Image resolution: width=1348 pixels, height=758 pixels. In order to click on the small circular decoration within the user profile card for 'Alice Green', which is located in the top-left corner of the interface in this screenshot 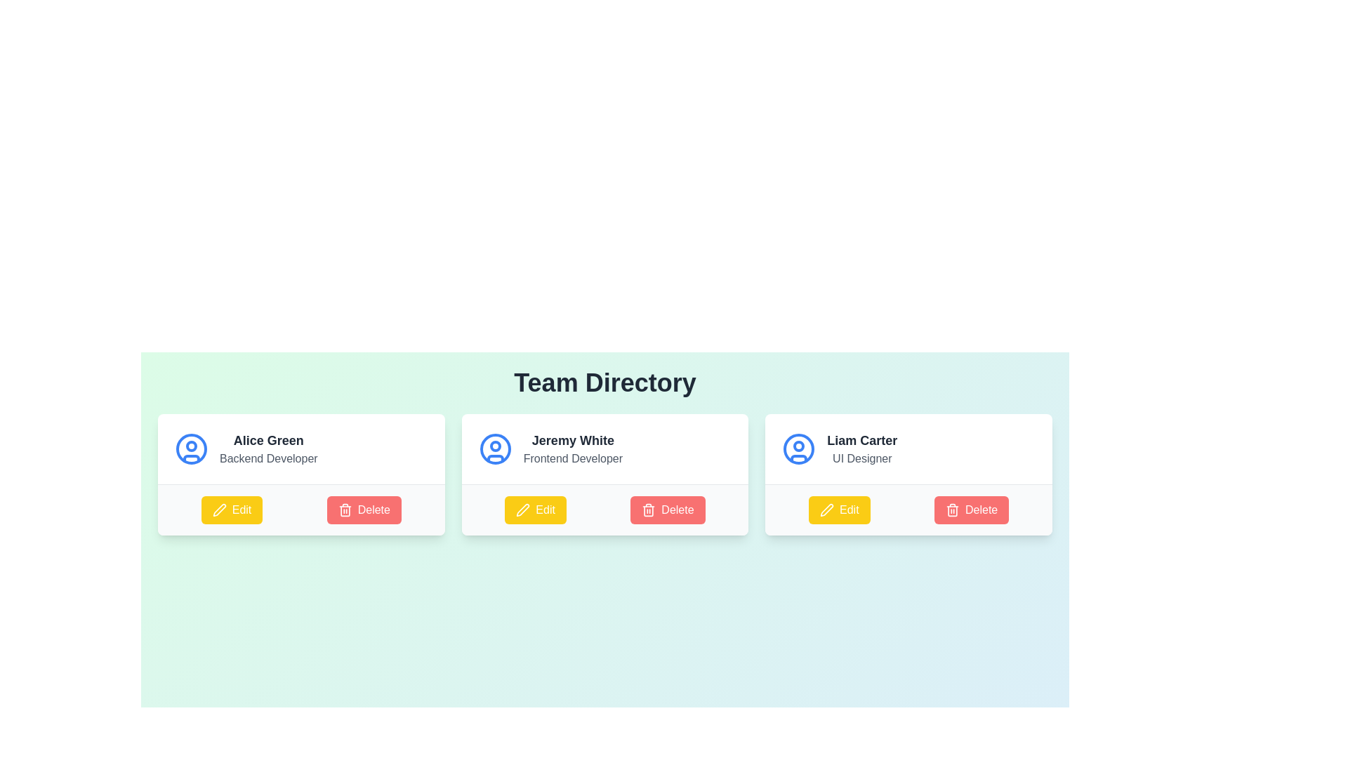, I will do `click(191, 446)`.